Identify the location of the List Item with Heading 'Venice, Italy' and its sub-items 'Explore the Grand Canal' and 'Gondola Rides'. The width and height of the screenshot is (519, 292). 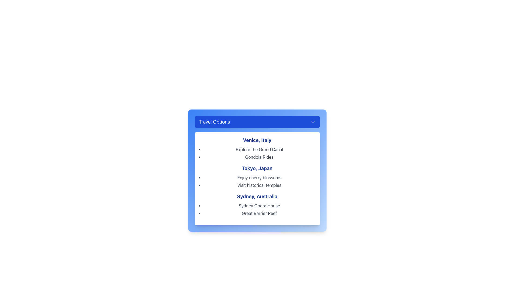
(257, 148).